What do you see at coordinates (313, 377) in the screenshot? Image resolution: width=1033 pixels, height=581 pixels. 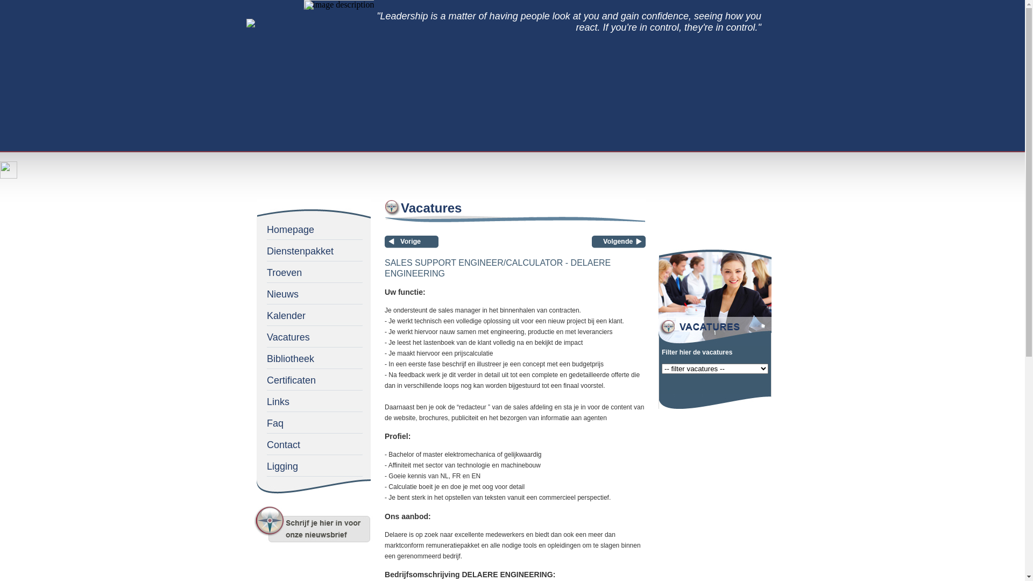 I see `'Certificaten'` at bounding box center [313, 377].